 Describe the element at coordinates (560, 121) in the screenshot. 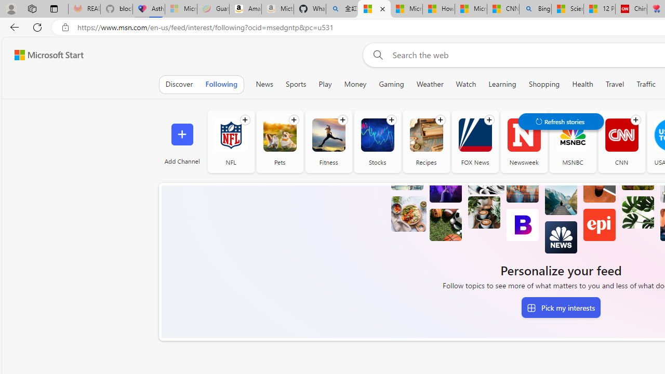

I see `'Class: control'` at that location.